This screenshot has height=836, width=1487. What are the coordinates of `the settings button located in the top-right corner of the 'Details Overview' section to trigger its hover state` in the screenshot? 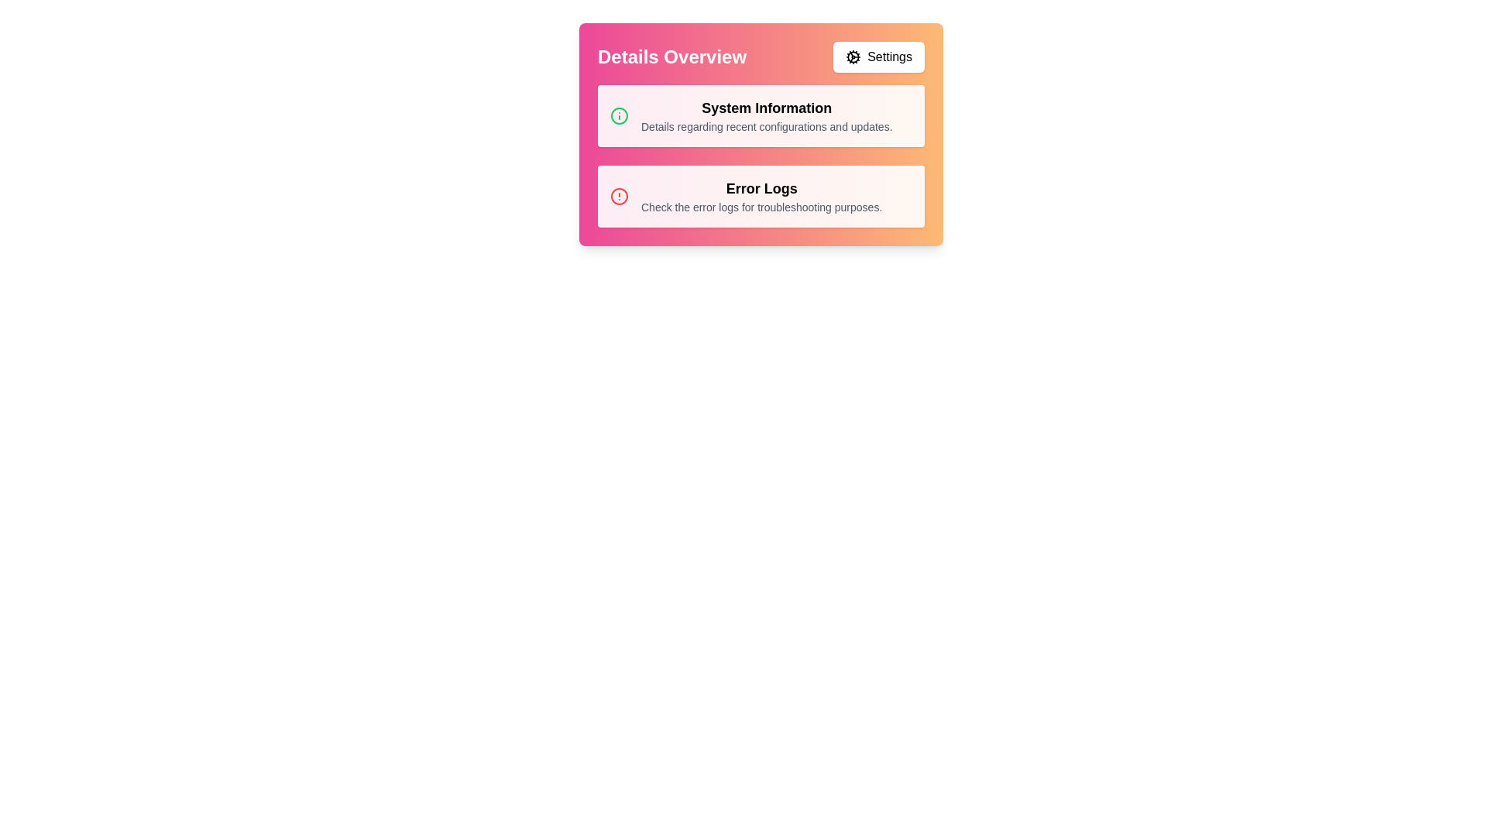 It's located at (879, 56).